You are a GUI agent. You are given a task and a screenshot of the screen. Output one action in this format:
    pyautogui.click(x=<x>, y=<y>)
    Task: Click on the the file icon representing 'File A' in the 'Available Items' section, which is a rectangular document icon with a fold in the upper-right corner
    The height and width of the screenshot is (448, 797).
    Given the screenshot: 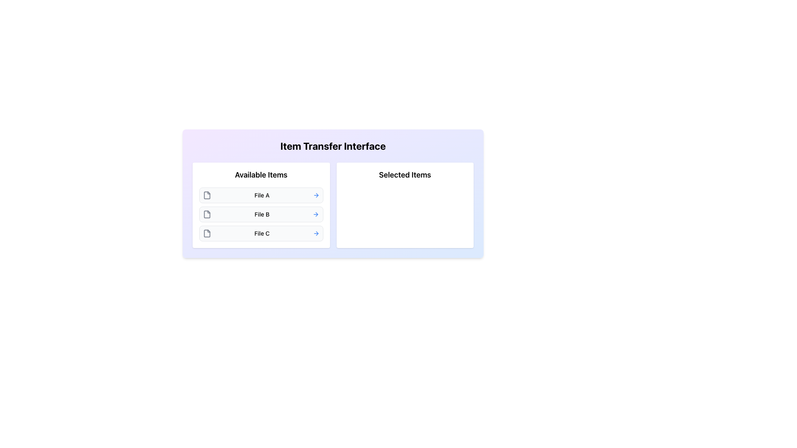 What is the action you would take?
    pyautogui.click(x=207, y=195)
    